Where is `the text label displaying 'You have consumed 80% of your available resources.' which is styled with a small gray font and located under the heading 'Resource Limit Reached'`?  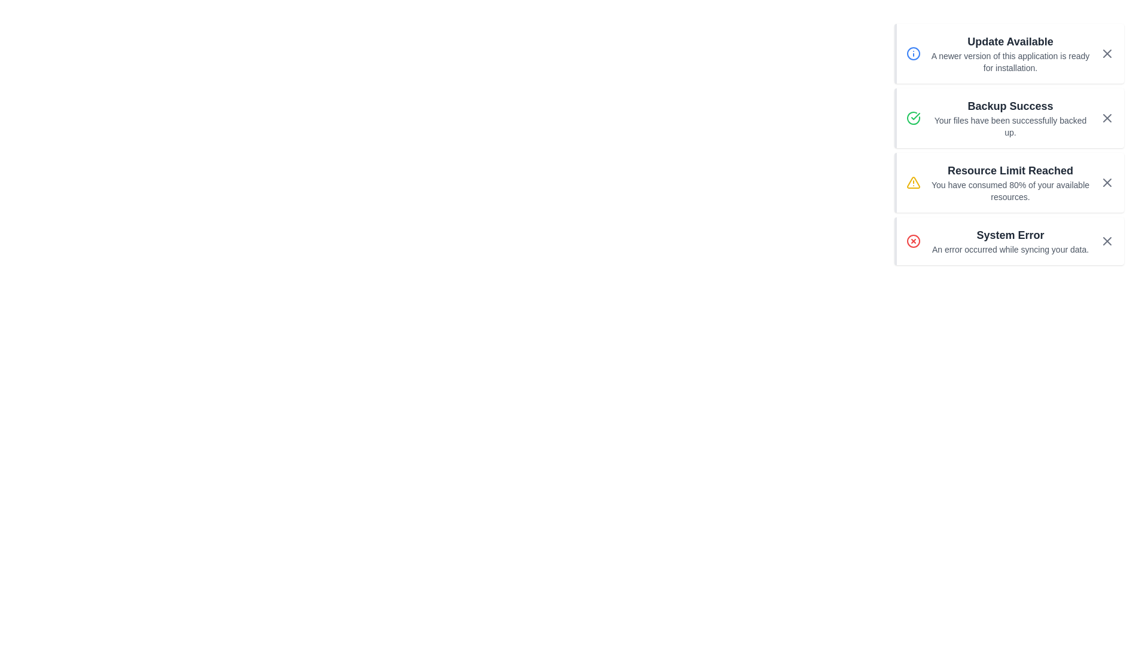
the text label displaying 'You have consumed 80% of your available resources.' which is styled with a small gray font and located under the heading 'Resource Limit Reached' is located at coordinates (1009, 191).